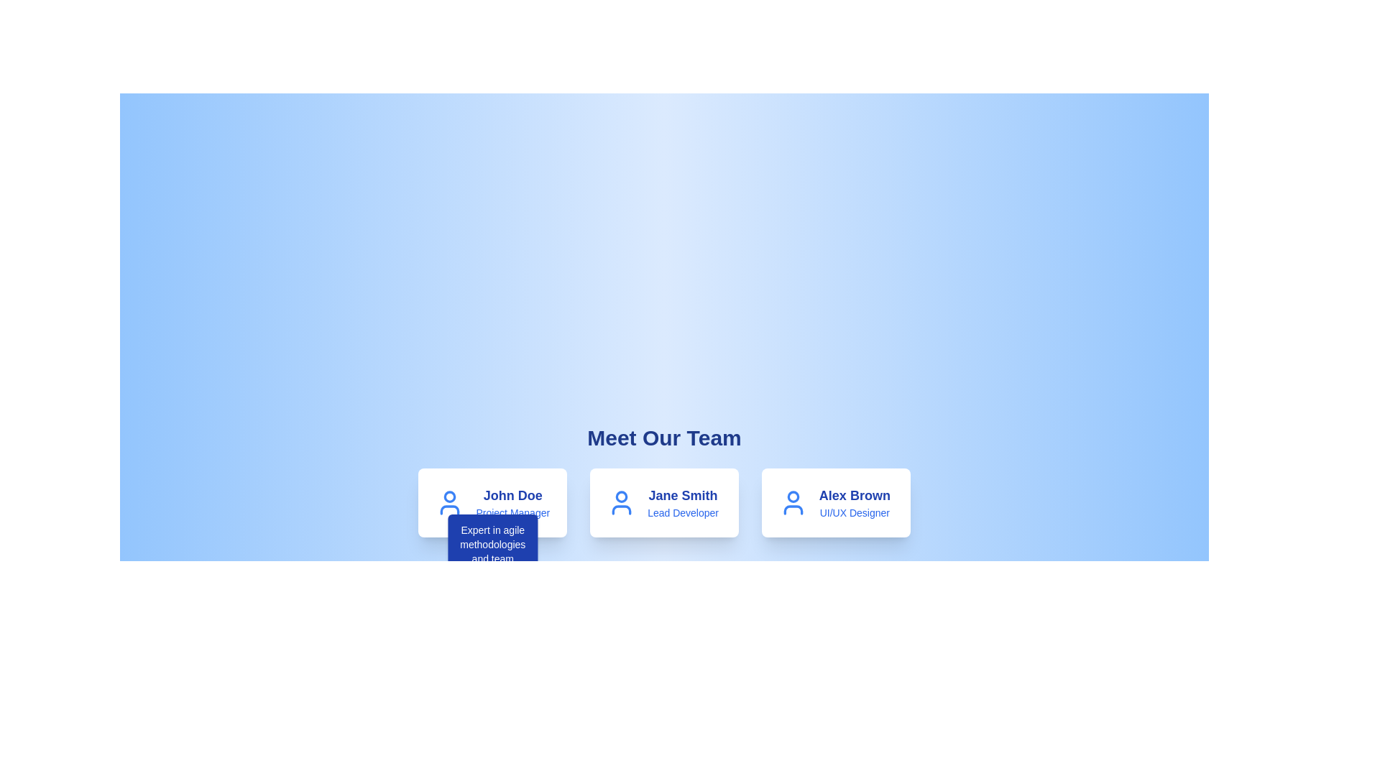 The image size is (1380, 776). I want to click on the user profile icon located to the left of the name 'Alex Brown' and the title 'UI/UX Designer' on the rightmost card in the team members row, so click(792, 502).